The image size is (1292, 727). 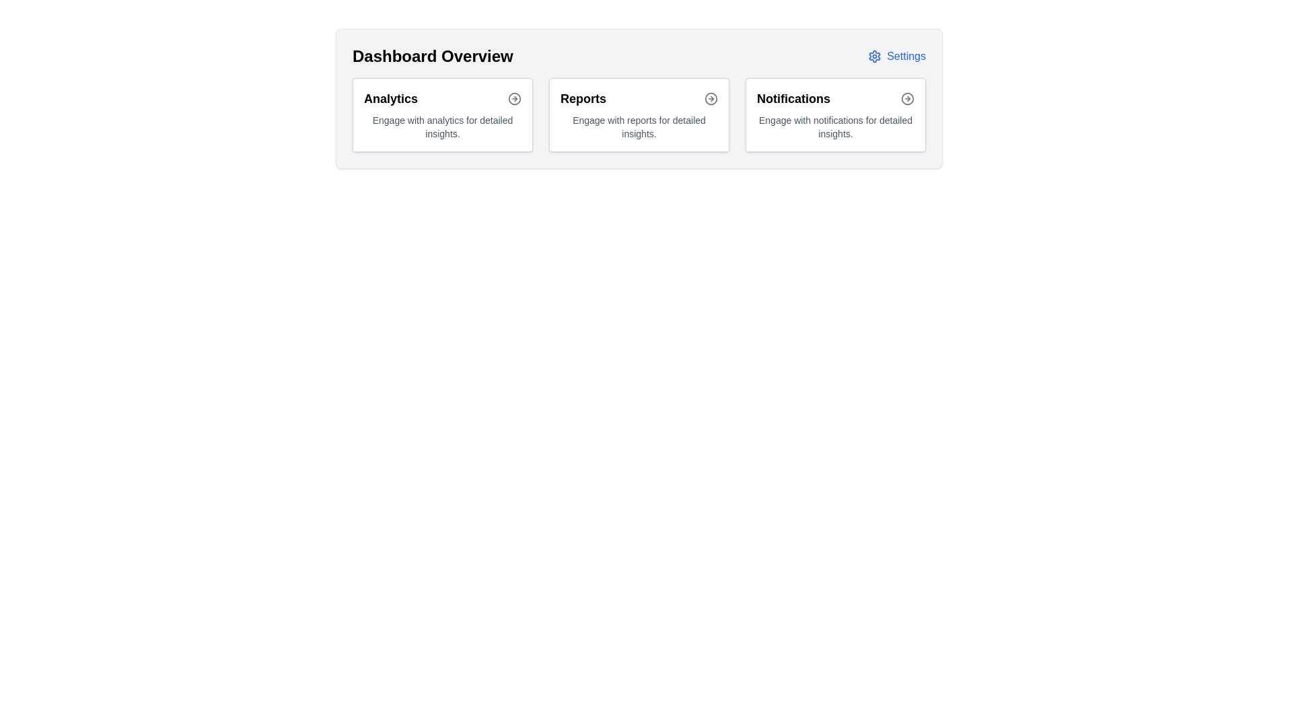 I want to click on the gear-shaped icon representing settings, located to the left of the 'Settings' text at the top-right corner of the main content area, so click(x=875, y=56).